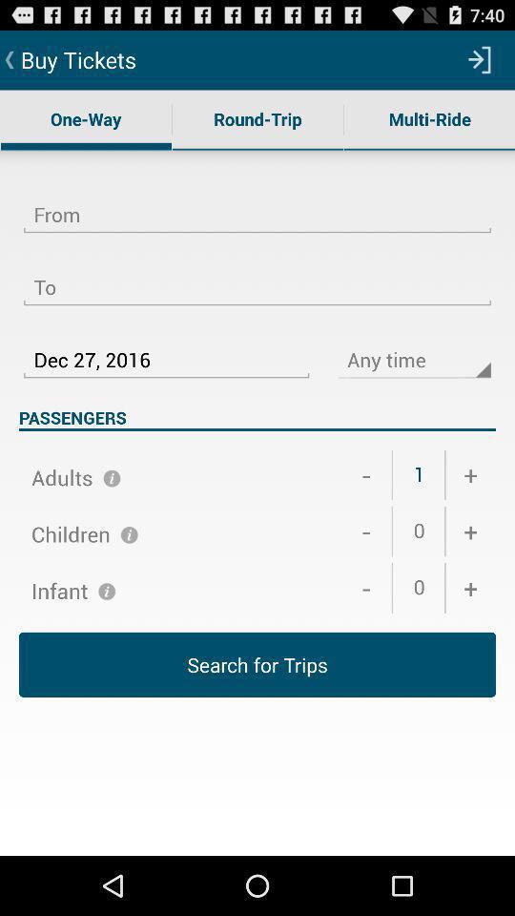 Image resolution: width=515 pixels, height=916 pixels. What do you see at coordinates (257, 203) in the screenshot?
I see `from text box` at bounding box center [257, 203].